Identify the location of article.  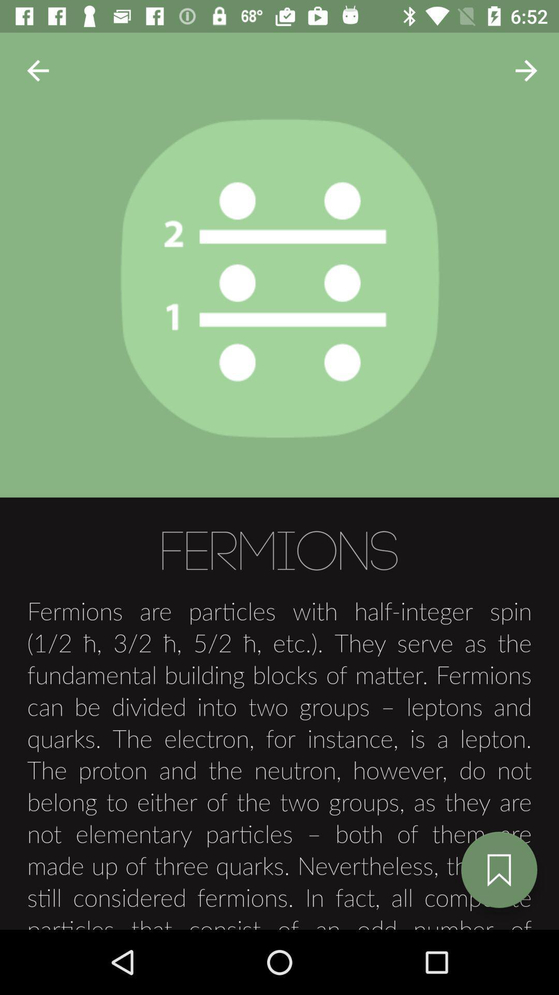
(498, 870).